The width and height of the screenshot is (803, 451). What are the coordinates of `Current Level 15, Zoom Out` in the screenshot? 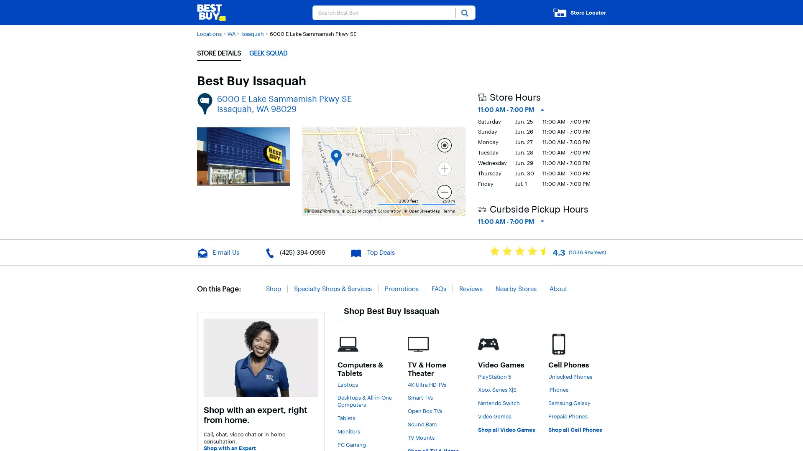 It's located at (444, 192).